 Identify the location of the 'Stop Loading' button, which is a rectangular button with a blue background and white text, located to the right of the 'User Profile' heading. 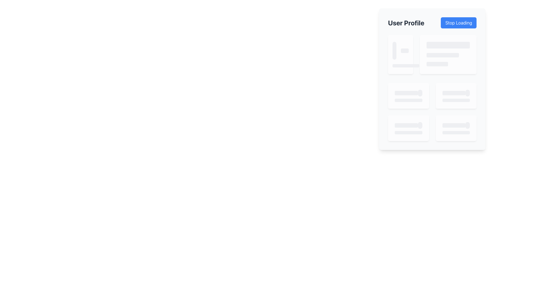
(459, 22).